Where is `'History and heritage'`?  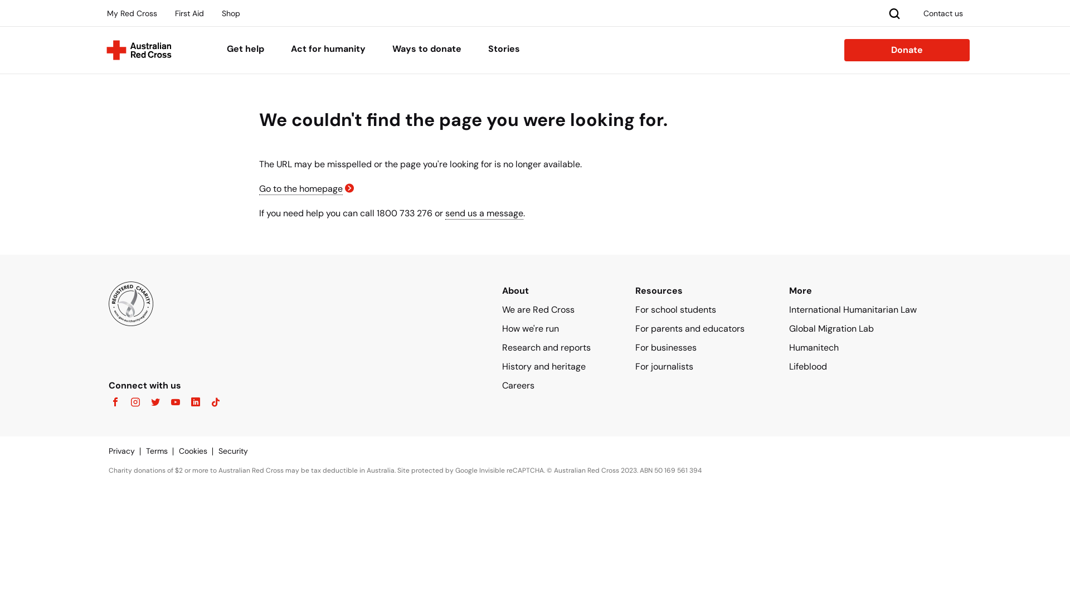
'History and heritage' is located at coordinates (543, 366).